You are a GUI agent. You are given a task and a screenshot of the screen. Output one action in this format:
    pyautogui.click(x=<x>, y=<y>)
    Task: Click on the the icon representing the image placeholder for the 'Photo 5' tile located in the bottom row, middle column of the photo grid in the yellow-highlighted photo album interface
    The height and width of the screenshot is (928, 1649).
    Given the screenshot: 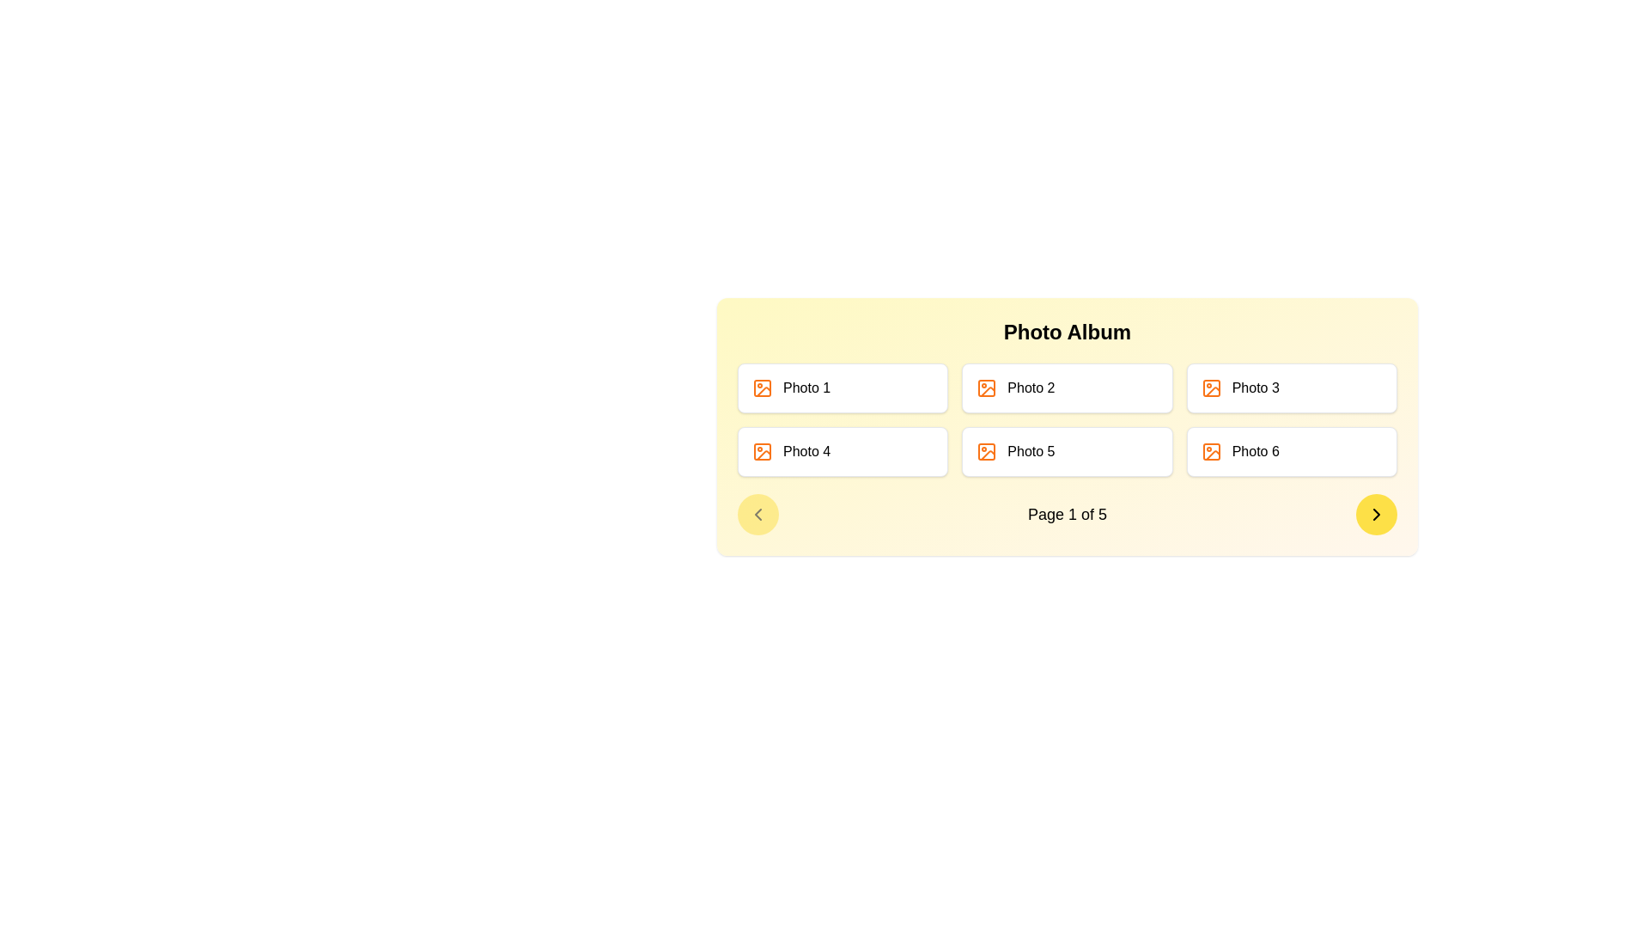 What is the action you would take?
    pyautogui.click(x=988, y=455)
    